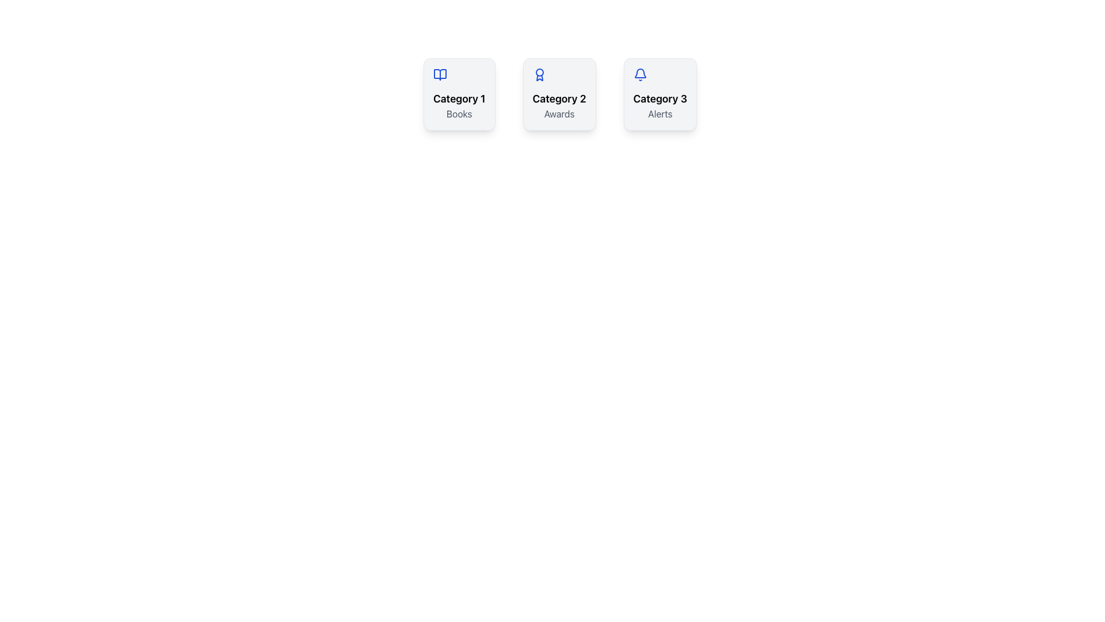  What do you see at coordinates (539, 75) in the screenshot?
I see `the circular blue award badge icon located in the second tile labeled 'Category 2' with the subtitle 'Awards'` at bounding box center [539, 75].